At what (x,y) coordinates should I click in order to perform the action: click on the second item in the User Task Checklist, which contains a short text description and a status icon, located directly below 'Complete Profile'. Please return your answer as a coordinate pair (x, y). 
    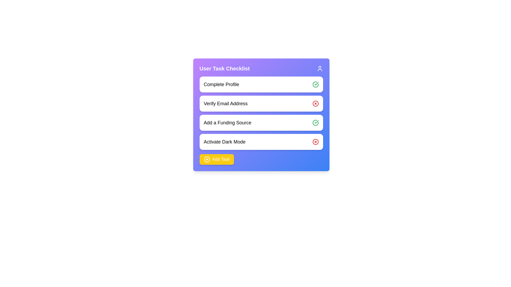
    Looking at the image, I should click on (261, 113).